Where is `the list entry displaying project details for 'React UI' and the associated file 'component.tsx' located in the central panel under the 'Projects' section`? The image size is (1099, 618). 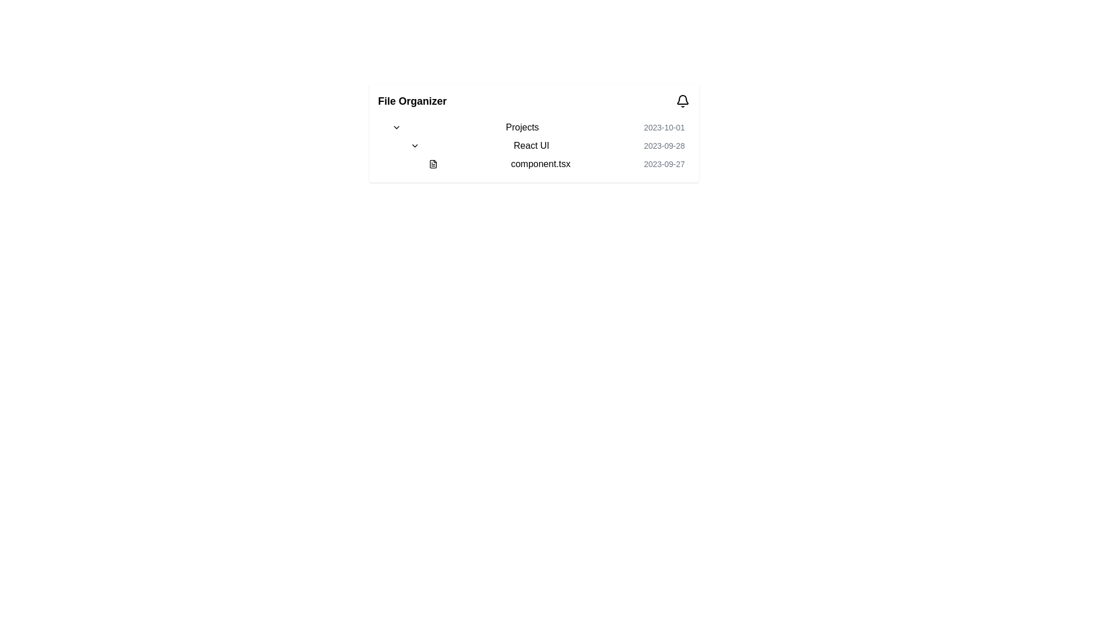 the list entry displaying project details for 'React UI' and the associated file 'component.tsx' located in the central panel under the 'Projects' section is located at coordinates (542, 154).